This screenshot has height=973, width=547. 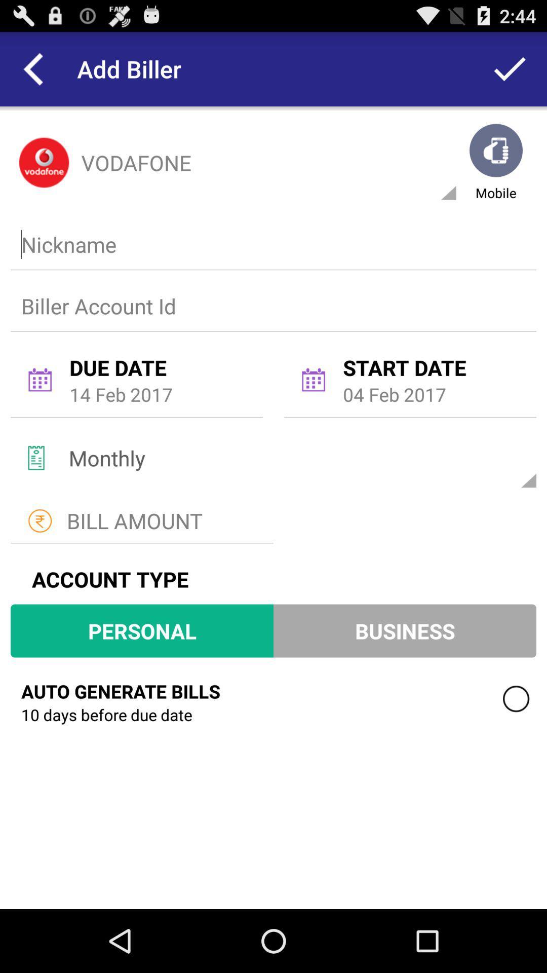 What do you see at coordinates (142, 630) in the screenshot?
I see `icon to the left of business button` at bounding box center [142, 630].